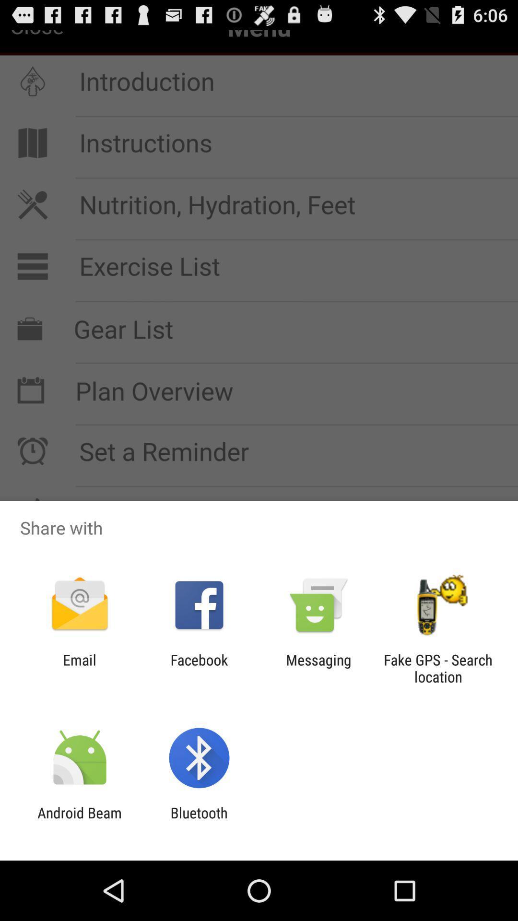  Describe the element at coordinates (79, 821) in the screenshot. I see `icon next to bluetooth app` at that location.